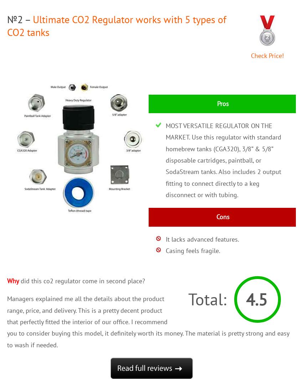 The image size is (303, 379). I want to click on '4.5', so click(256, 299).